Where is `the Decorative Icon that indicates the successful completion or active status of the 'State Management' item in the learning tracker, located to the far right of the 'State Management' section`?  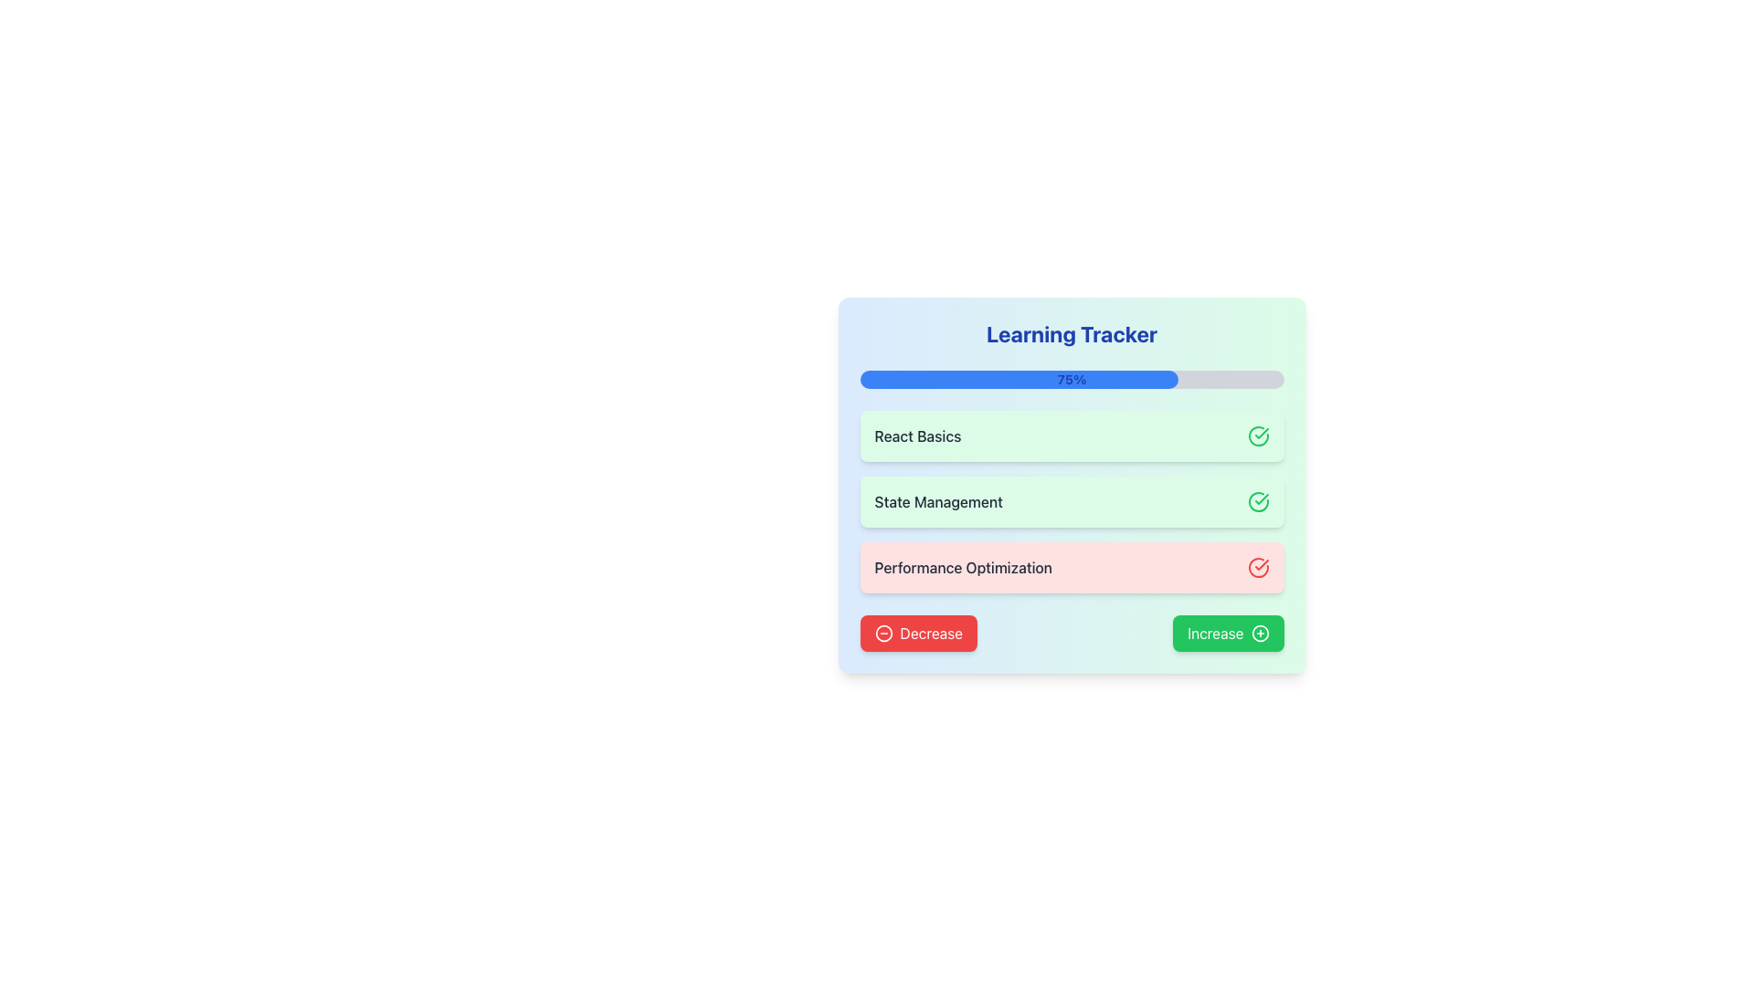 the Decorative Icon that indicates the successful completion or active status of the 'State Management' item in the learning tracker, located to the far right of the 'State Management' section is located at coordinates (1257, 502).